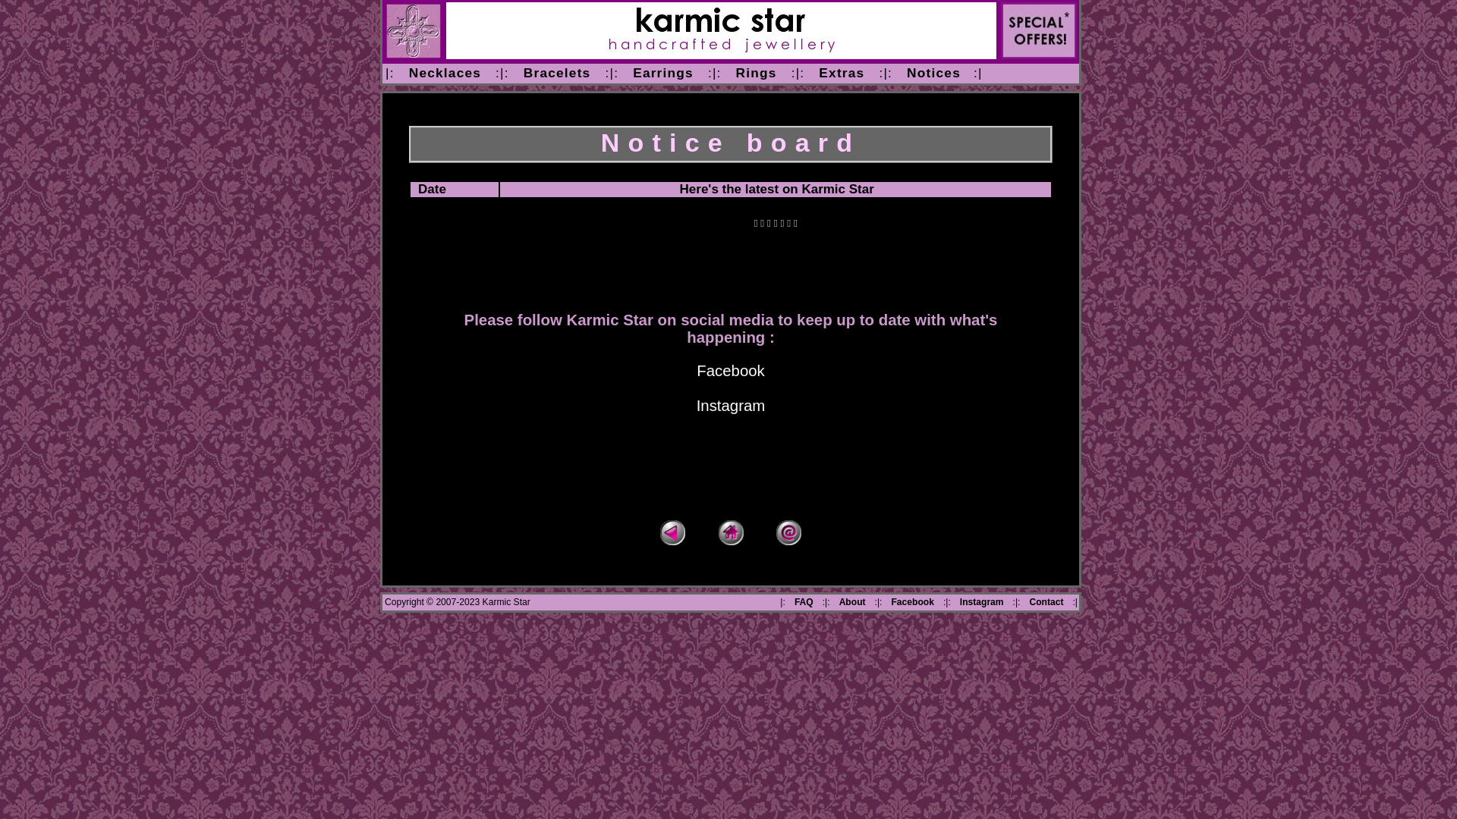 The image size is (1457, 819). What do you see at coordinates (911, 601) in the screenshot?
I see `'Facebook'` at bounding box center [911, 601].